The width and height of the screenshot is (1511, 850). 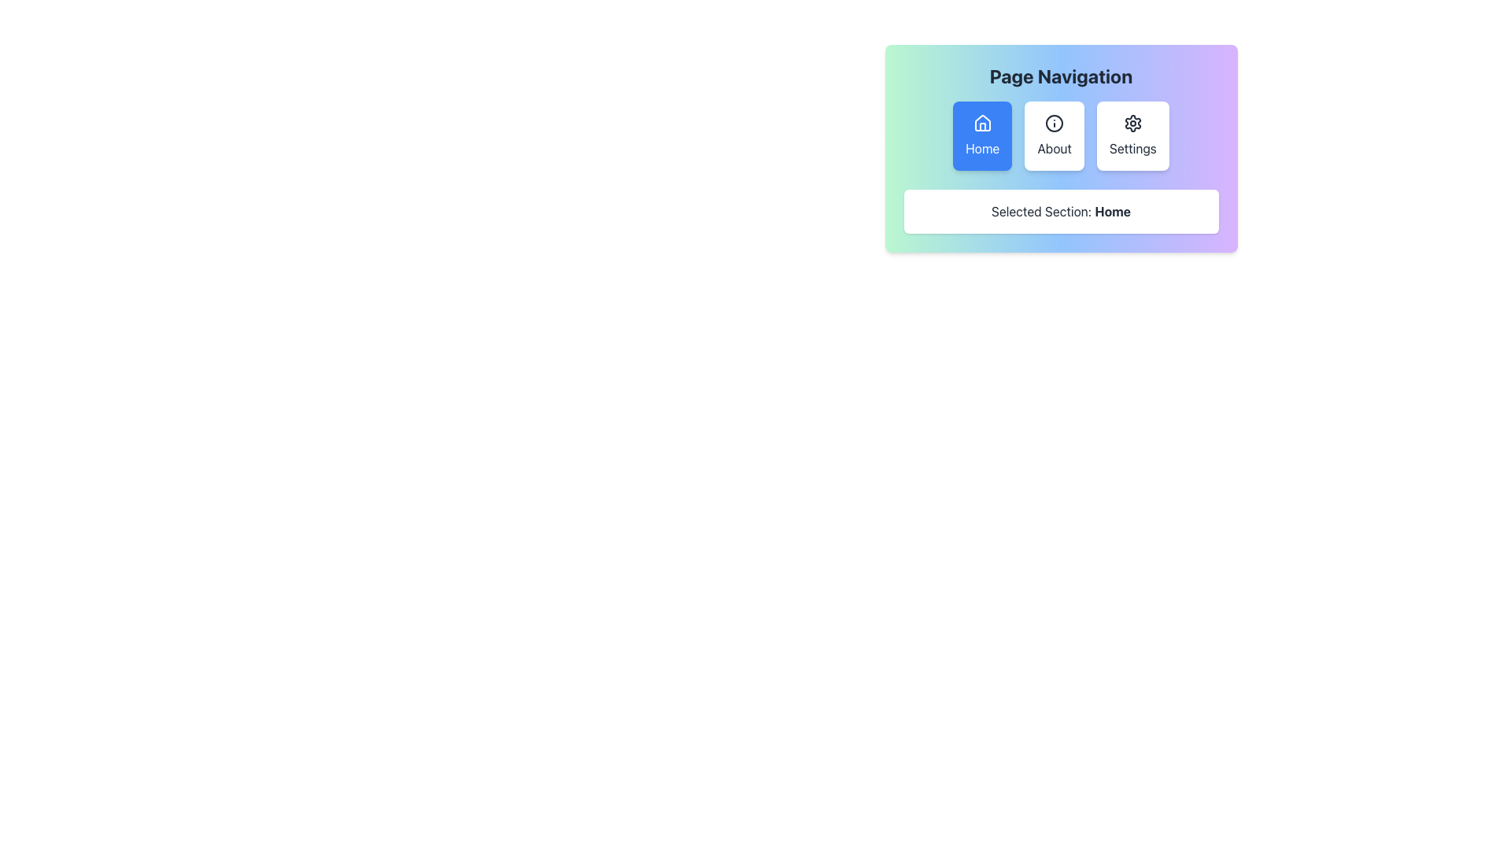 What do you see at coordinates (1055, 123) in the screenshot?
I see `the graphical icon component that serves as an 'information' icon located in the navigation panel, positioned near the top-center of the 'About' section button` at bounding box center [1055, 123].